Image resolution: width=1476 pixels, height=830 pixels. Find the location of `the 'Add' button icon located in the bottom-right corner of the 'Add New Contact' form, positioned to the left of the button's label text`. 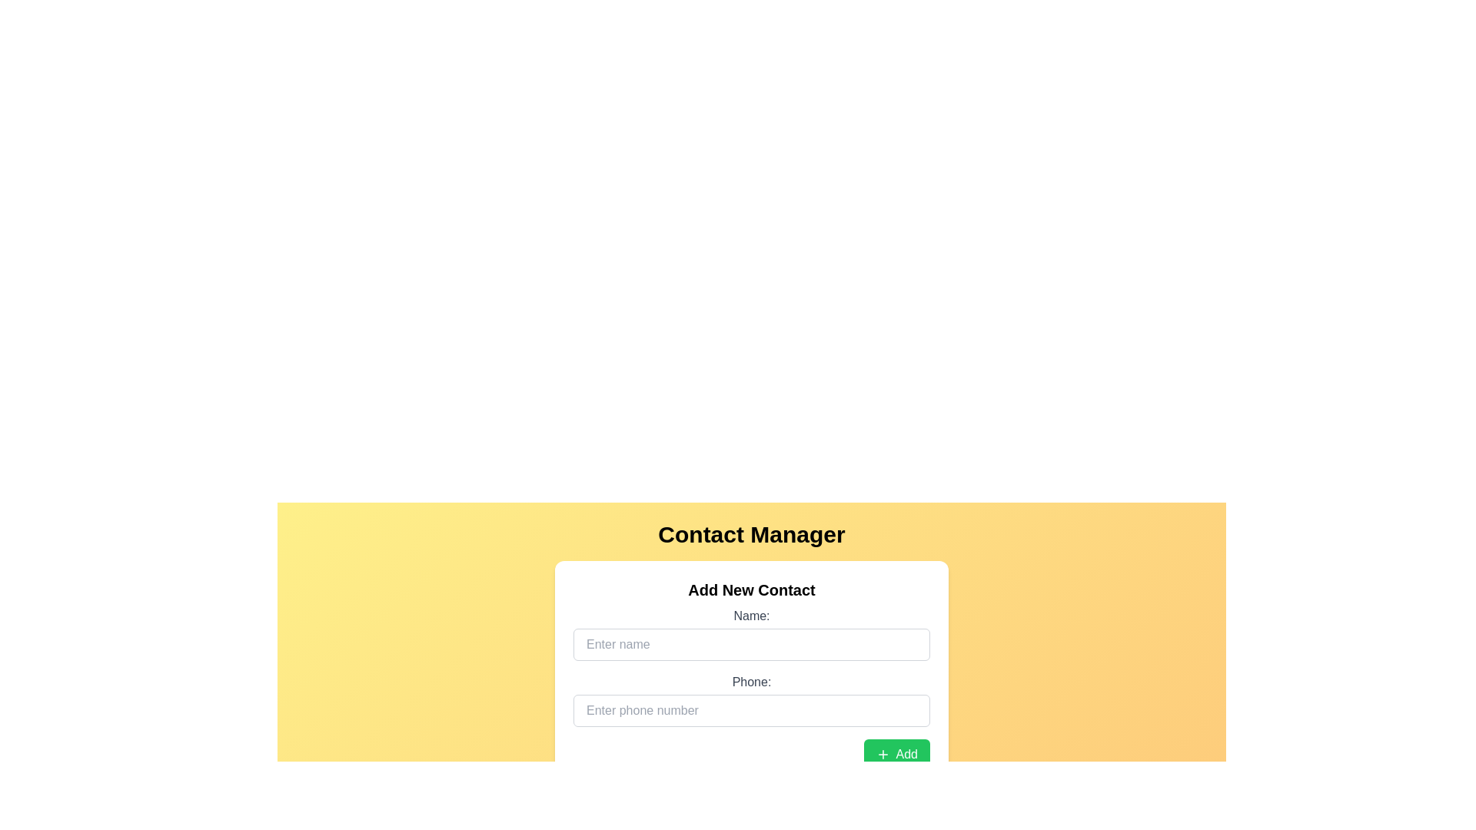

the 'Add' button icon located in the bottom-right corner of the 'Add New Contact' form, positioned to the left of the button's label text is located at coordinates (883, 754).